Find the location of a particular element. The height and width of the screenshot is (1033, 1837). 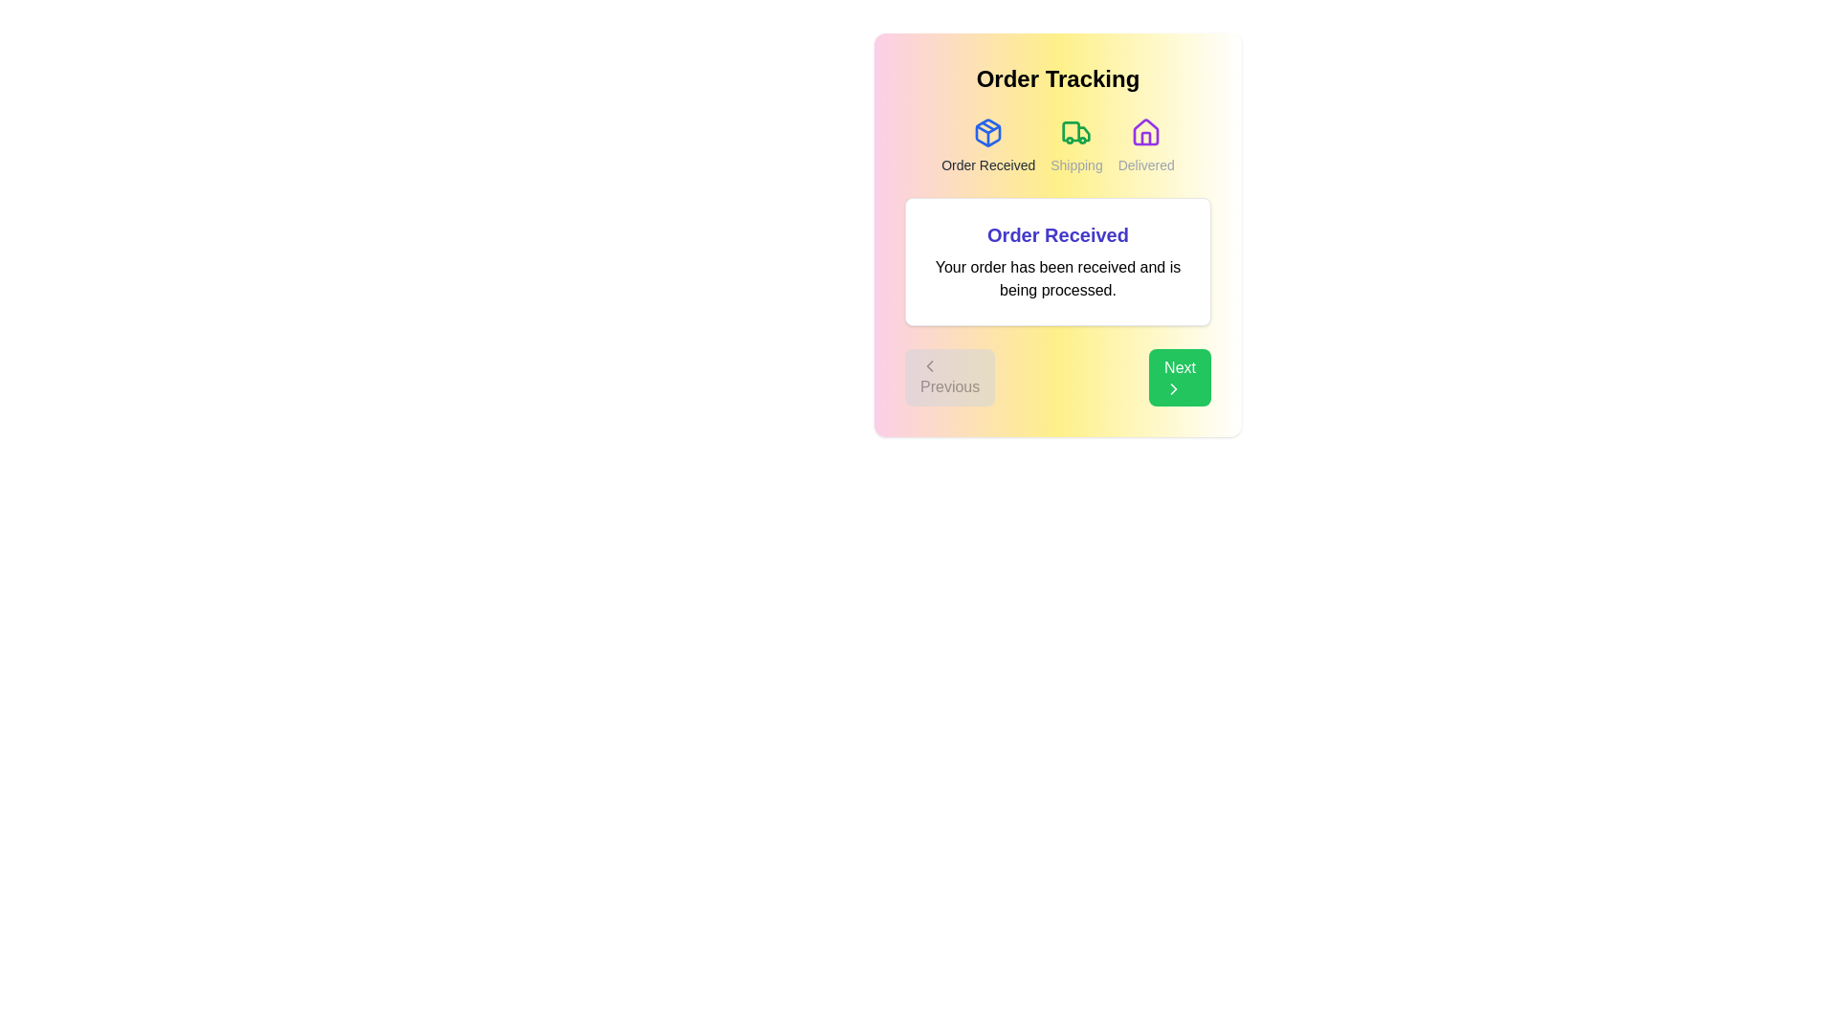

the icon for the Shipping step in the order tracking process is located at coordinates (1076, 131).